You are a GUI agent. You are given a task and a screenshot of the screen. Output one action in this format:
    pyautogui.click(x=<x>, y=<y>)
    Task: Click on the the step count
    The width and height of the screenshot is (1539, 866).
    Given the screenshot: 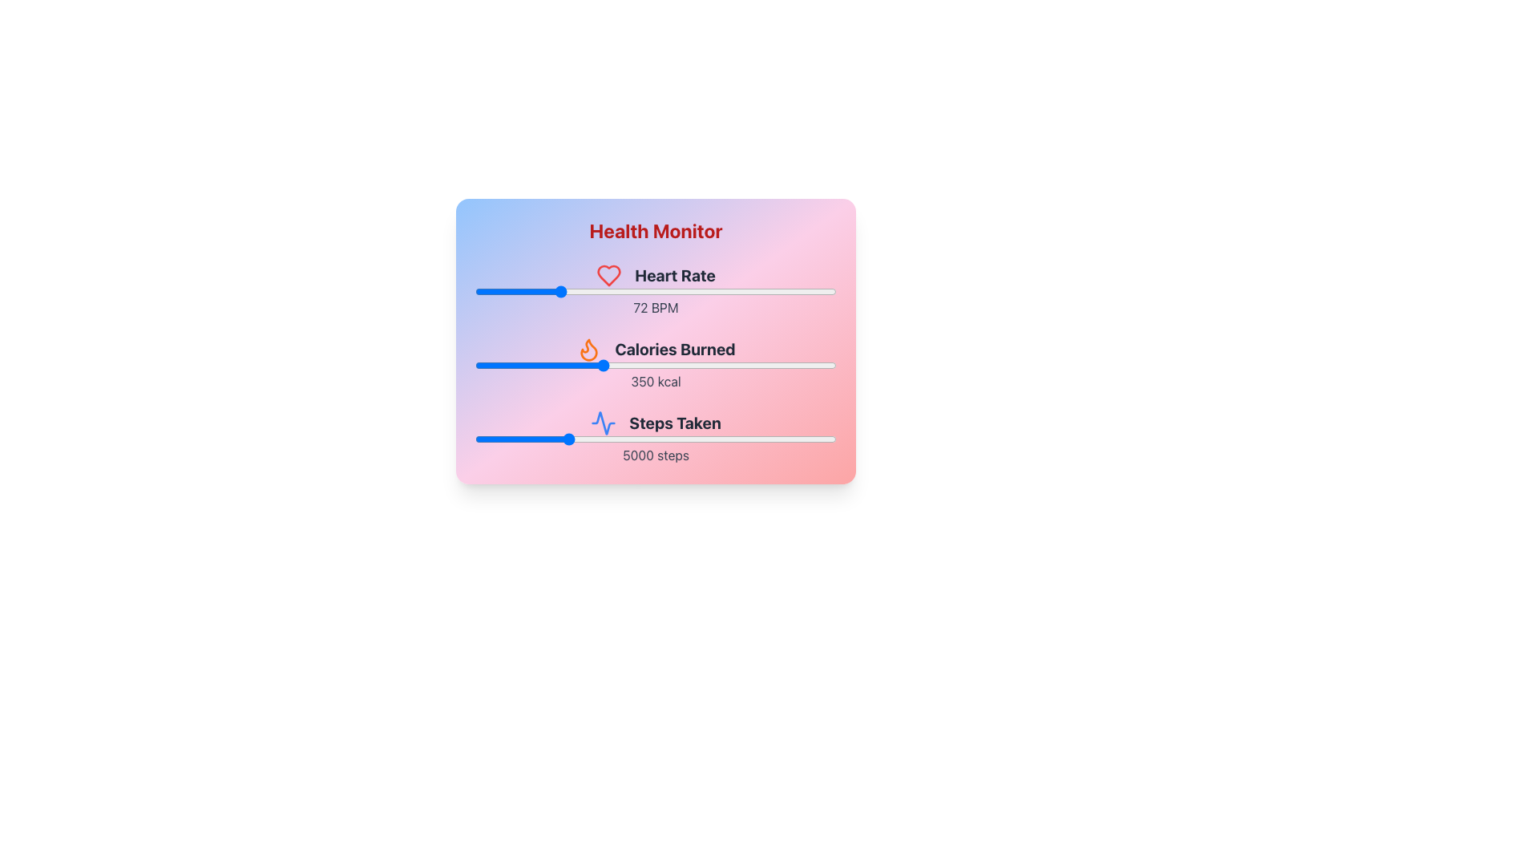 What is the action you would take?
    pyautogui.click(x=728, y=439)
    